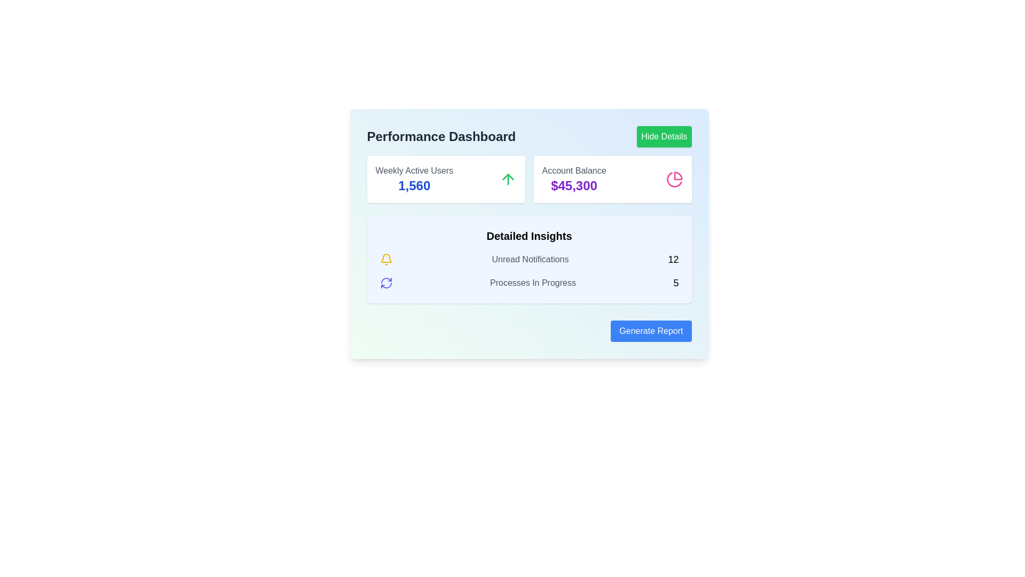 Image resolution: width=1025 pixels, height=577 pixels. Describe the element at coordinates (529, 271) in the screenshot. I see `information displayed in the Informational Panel, which shows 'Unread Notifications' with the number '12' and 'Processes In Progress' with the number '5'` at that location.